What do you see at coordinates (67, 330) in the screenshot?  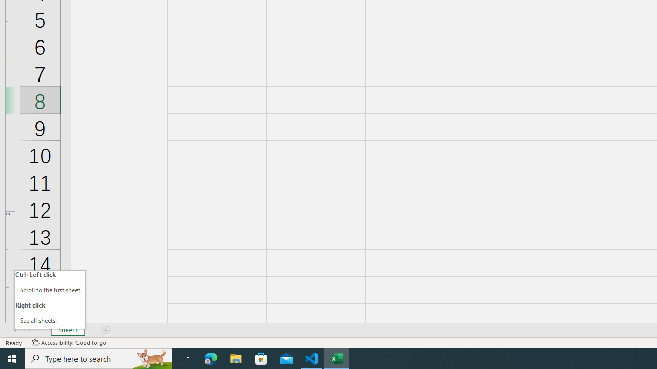 I see `'Sheet1'` at bounding box center [67, 330].